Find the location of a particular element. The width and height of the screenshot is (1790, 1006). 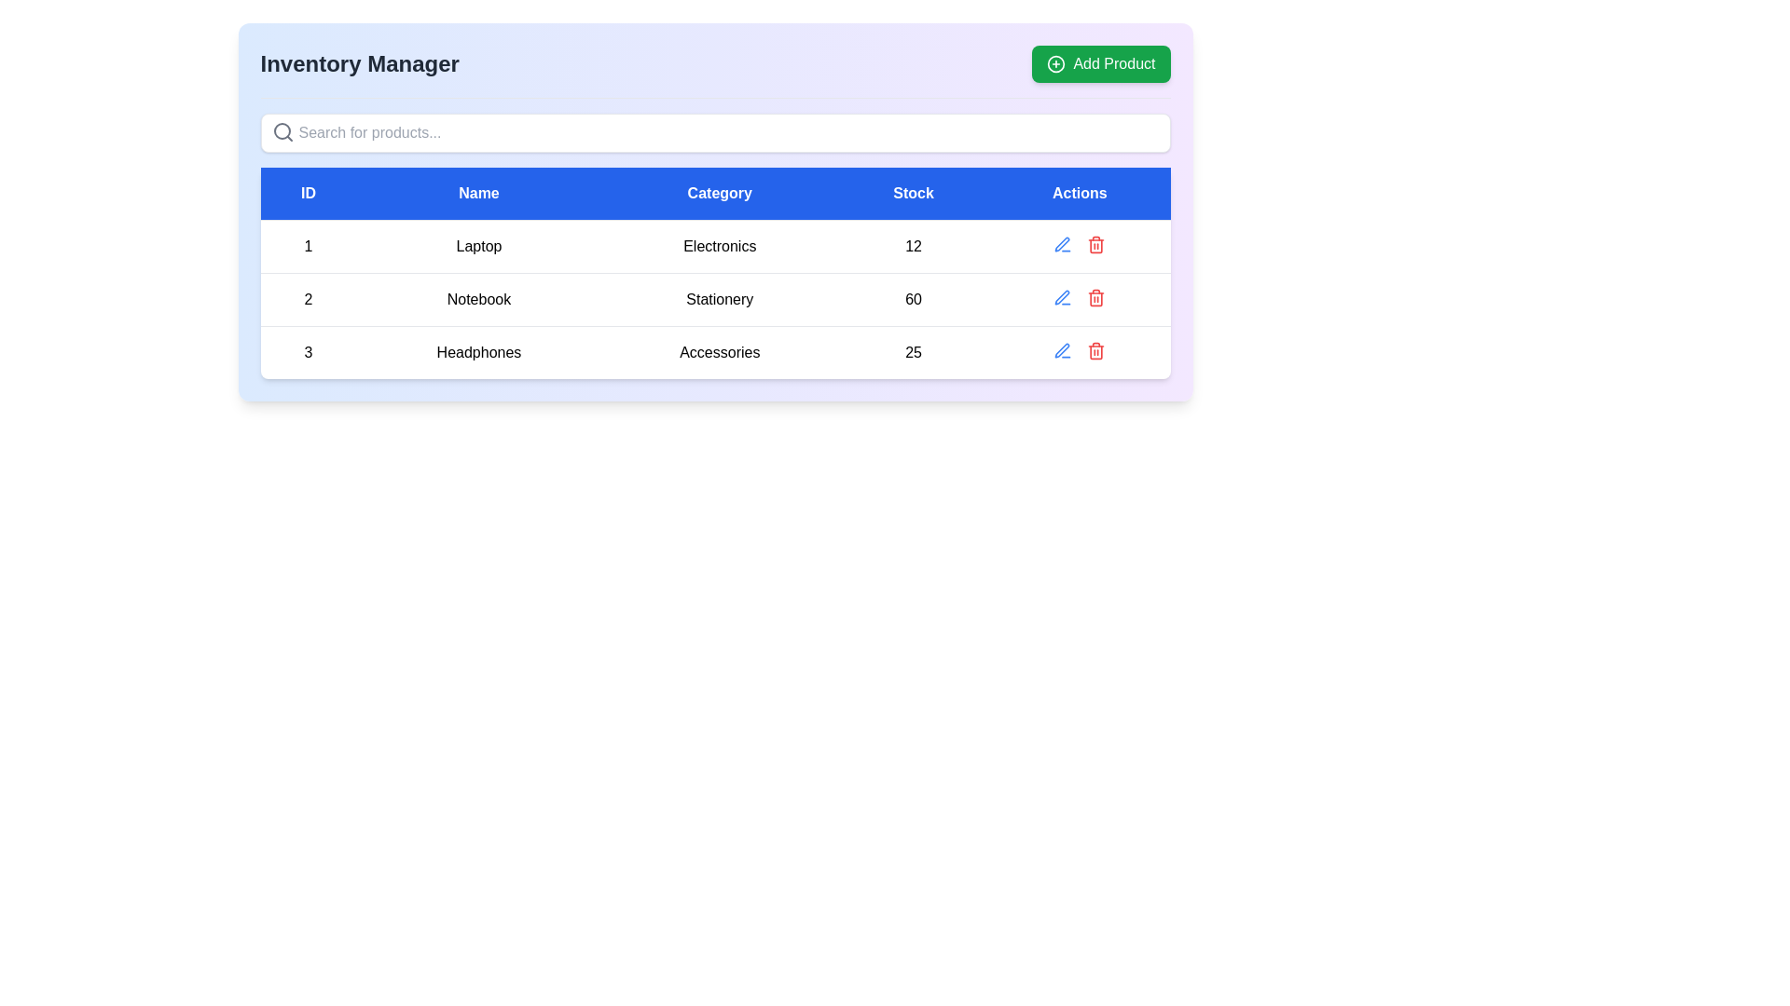

the 'Category' text label in the second row of the table, which represents the product category 'Notebook' is located at coordinates (719, 298).